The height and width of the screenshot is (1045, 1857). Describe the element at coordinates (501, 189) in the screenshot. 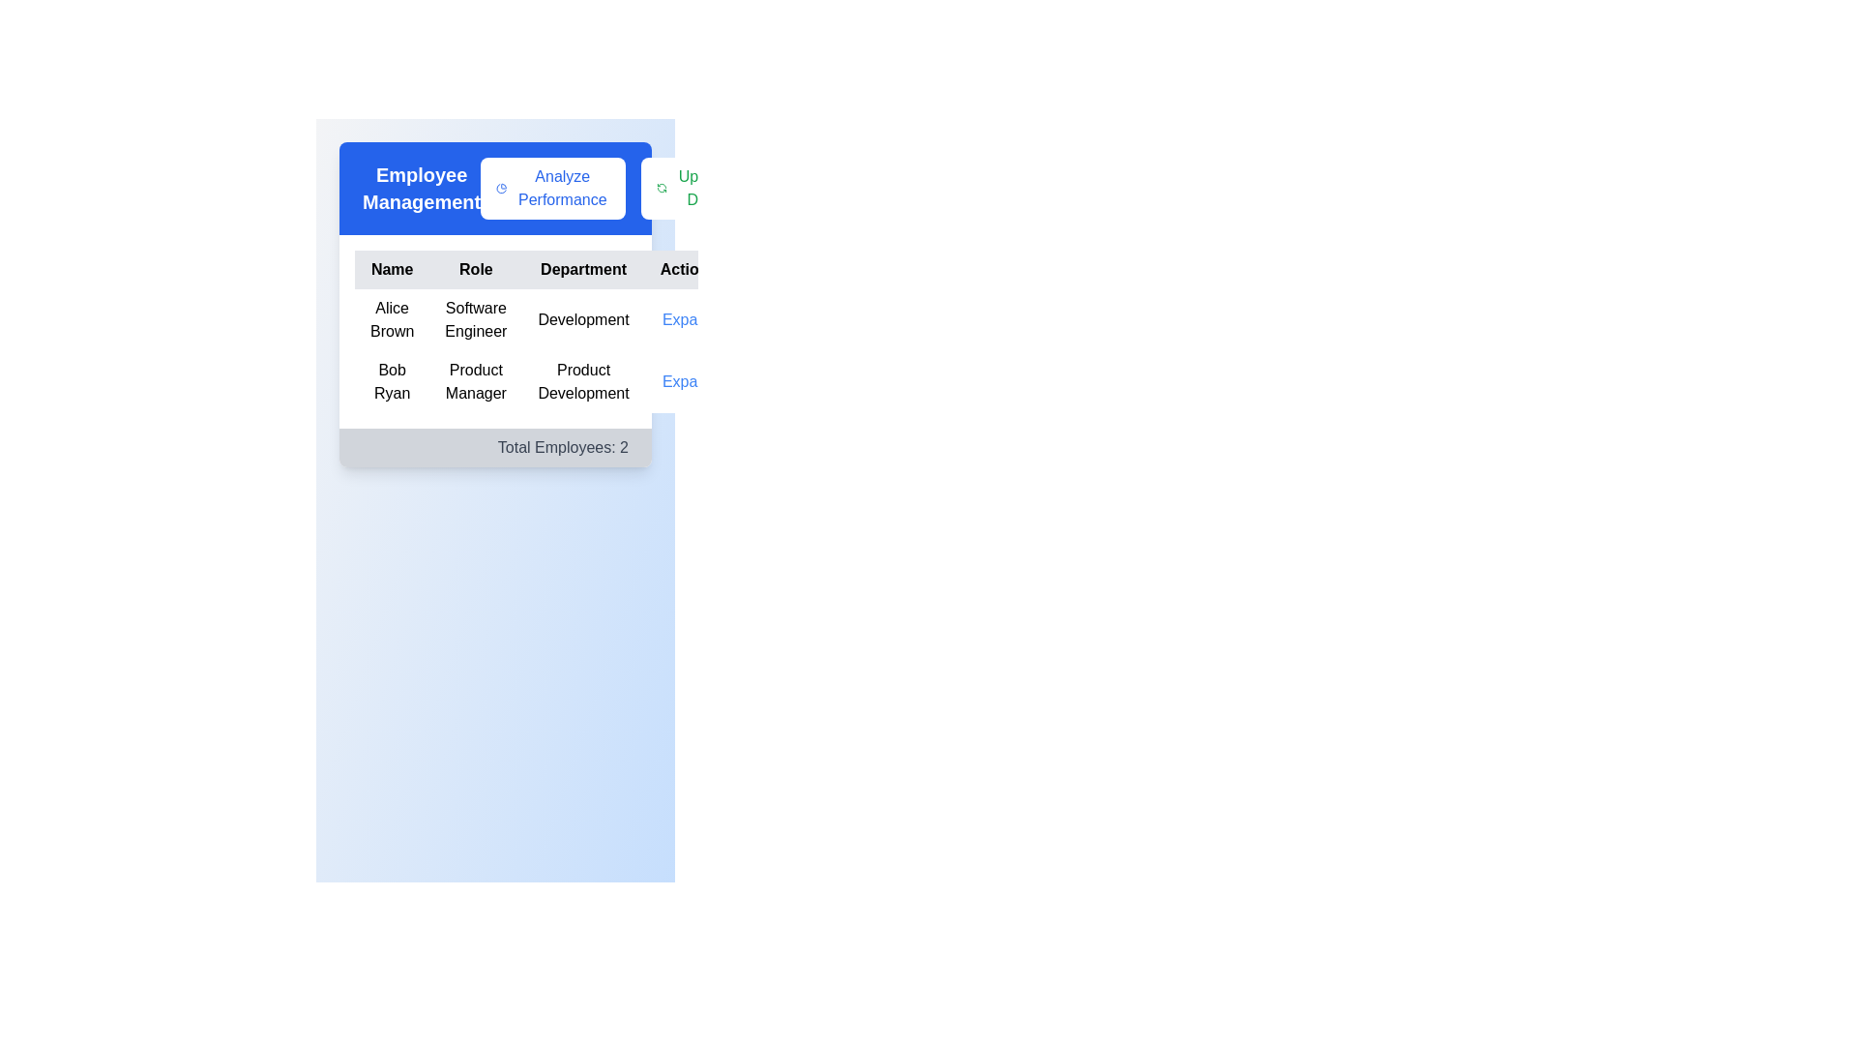

I see `the 'Analyze Performance' button` at that location.